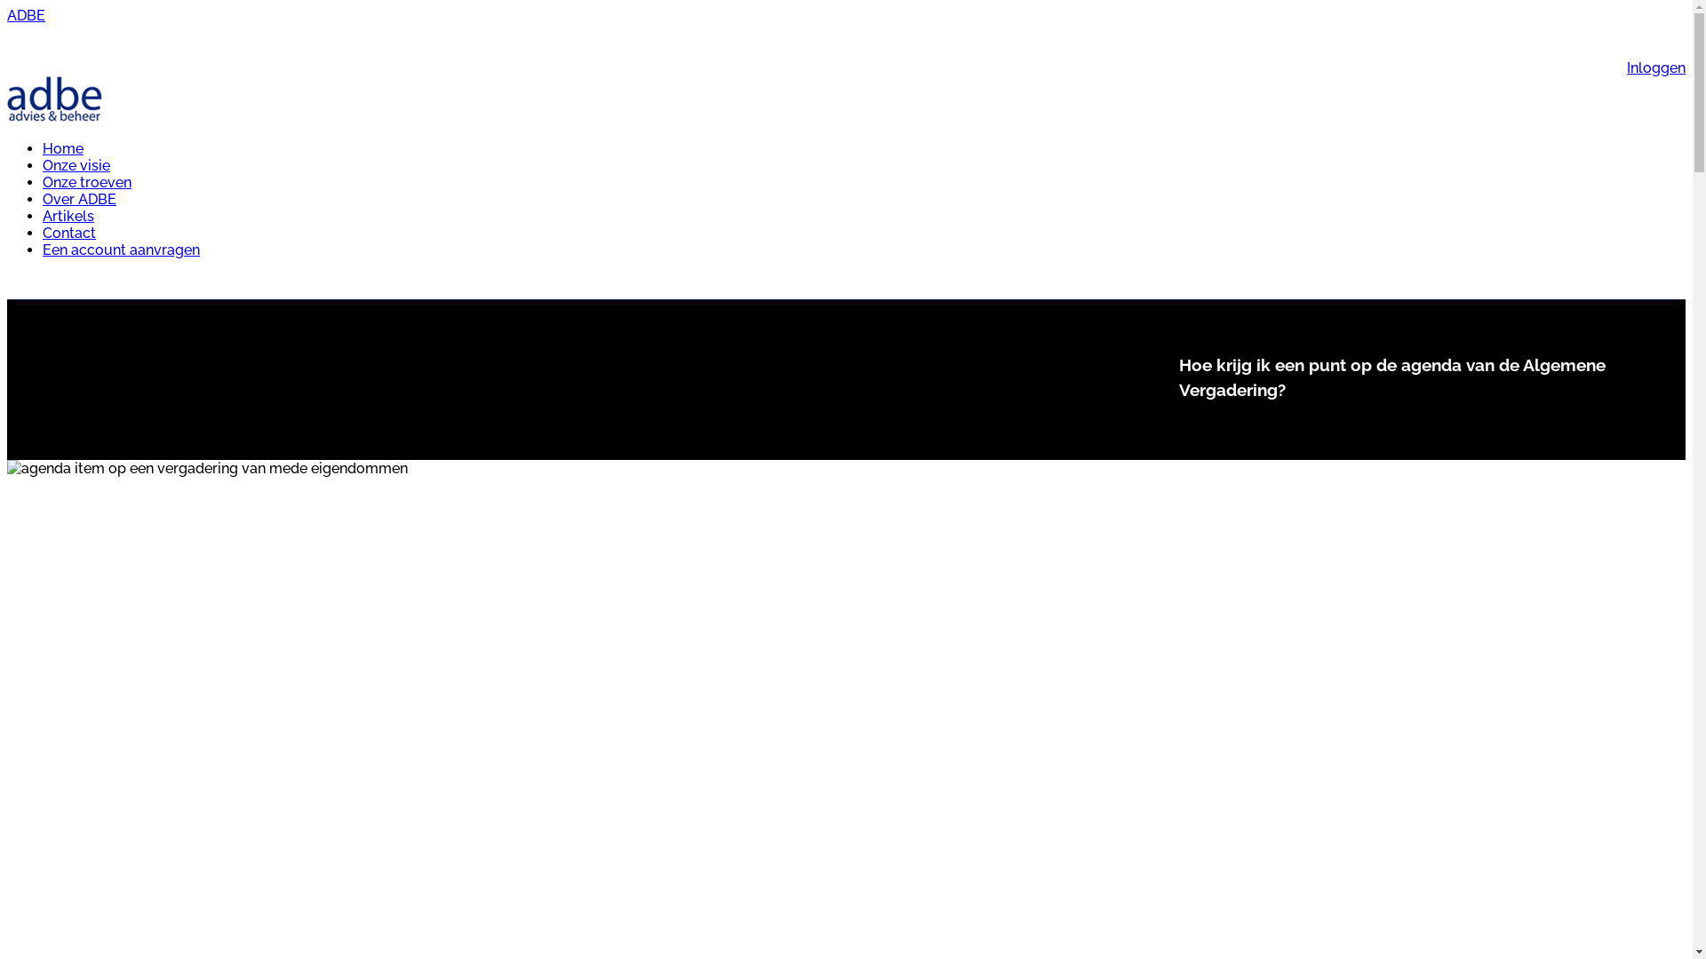  I want to click on 'Onze troeven', so click(43, 182).